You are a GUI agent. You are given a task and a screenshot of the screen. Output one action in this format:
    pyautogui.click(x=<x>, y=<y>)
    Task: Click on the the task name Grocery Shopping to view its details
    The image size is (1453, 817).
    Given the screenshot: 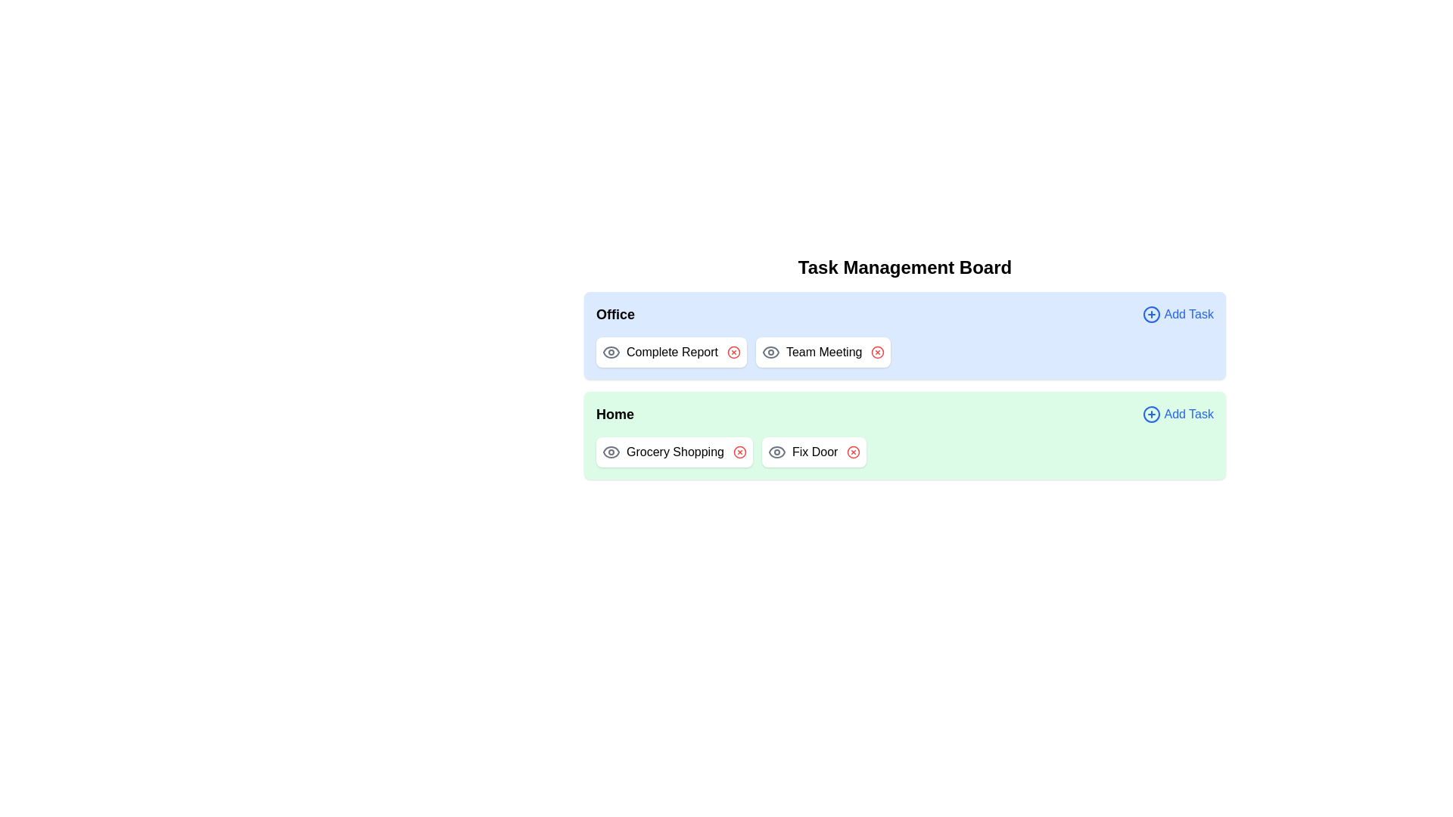 What is the action you would take?
    pyautogui.click(x=674, y=451)
    